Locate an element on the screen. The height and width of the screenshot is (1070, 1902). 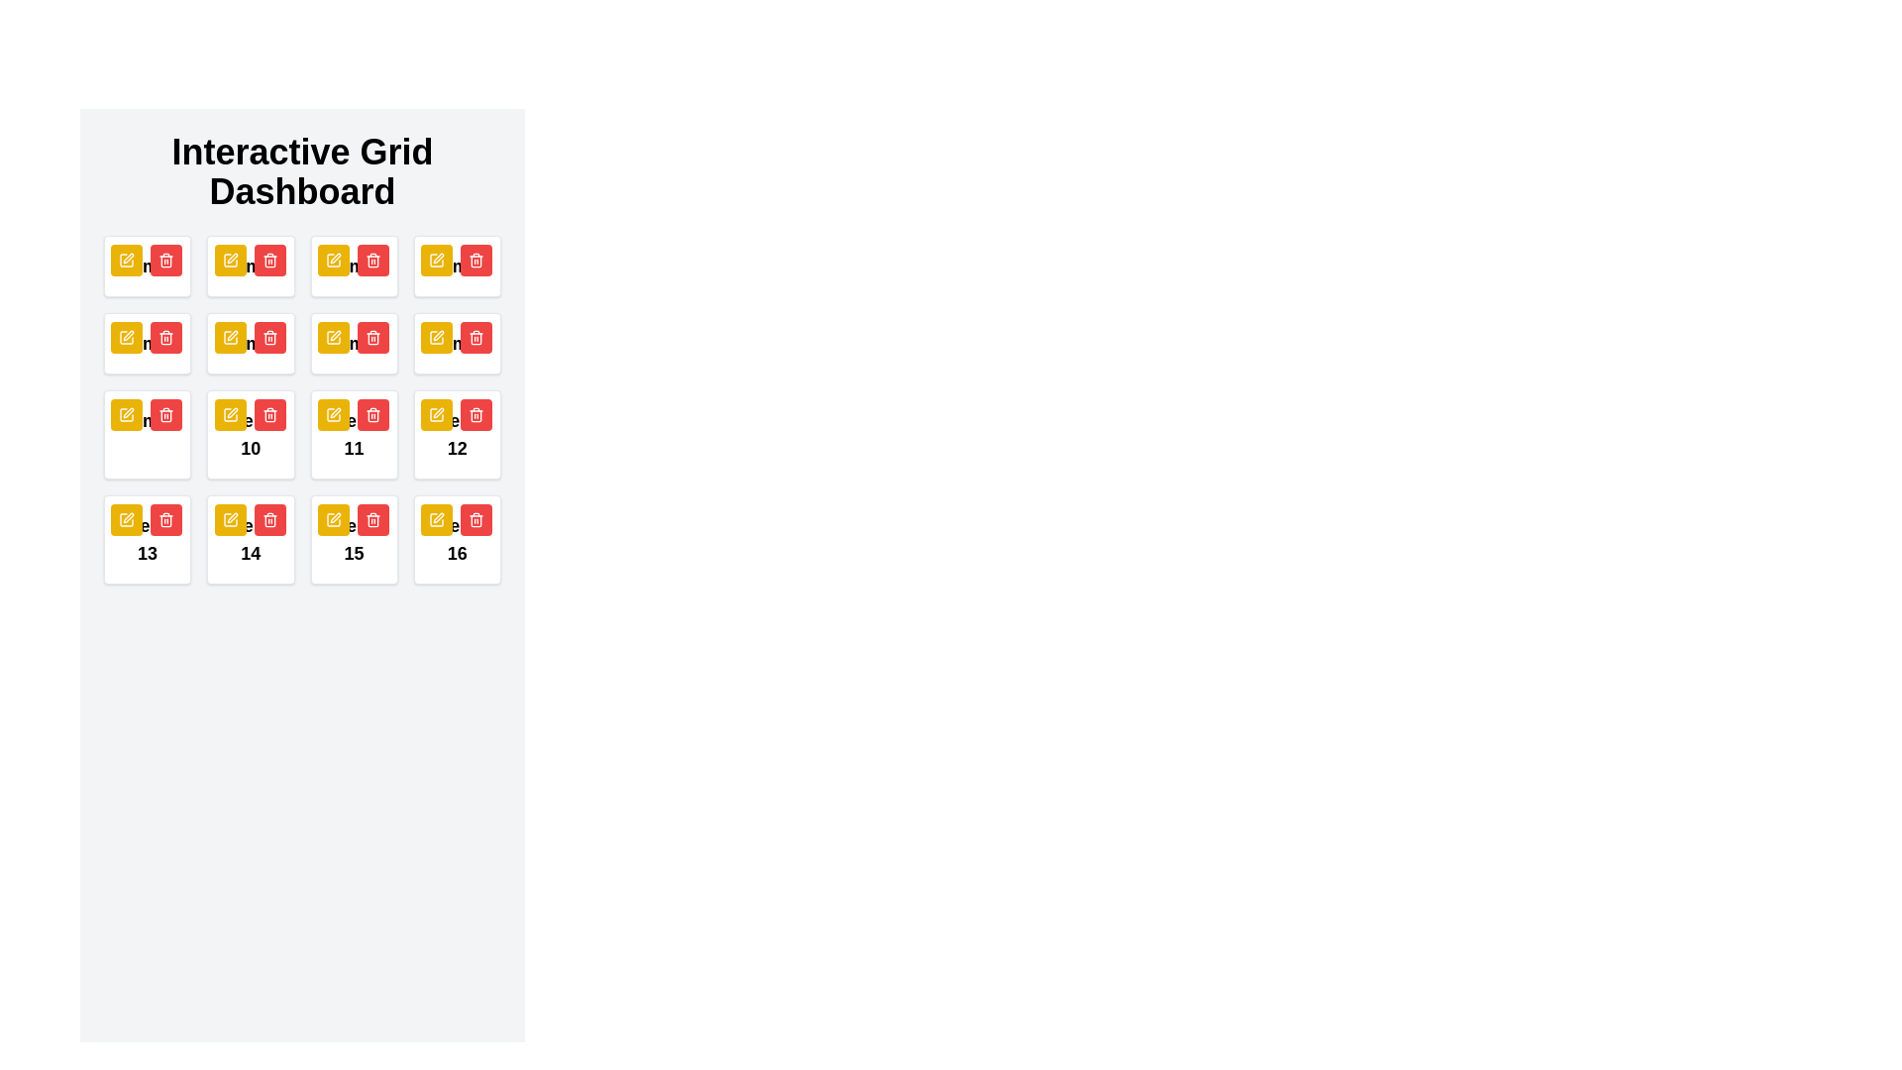
the trash bin icon button is located at coordinates (372, 518).